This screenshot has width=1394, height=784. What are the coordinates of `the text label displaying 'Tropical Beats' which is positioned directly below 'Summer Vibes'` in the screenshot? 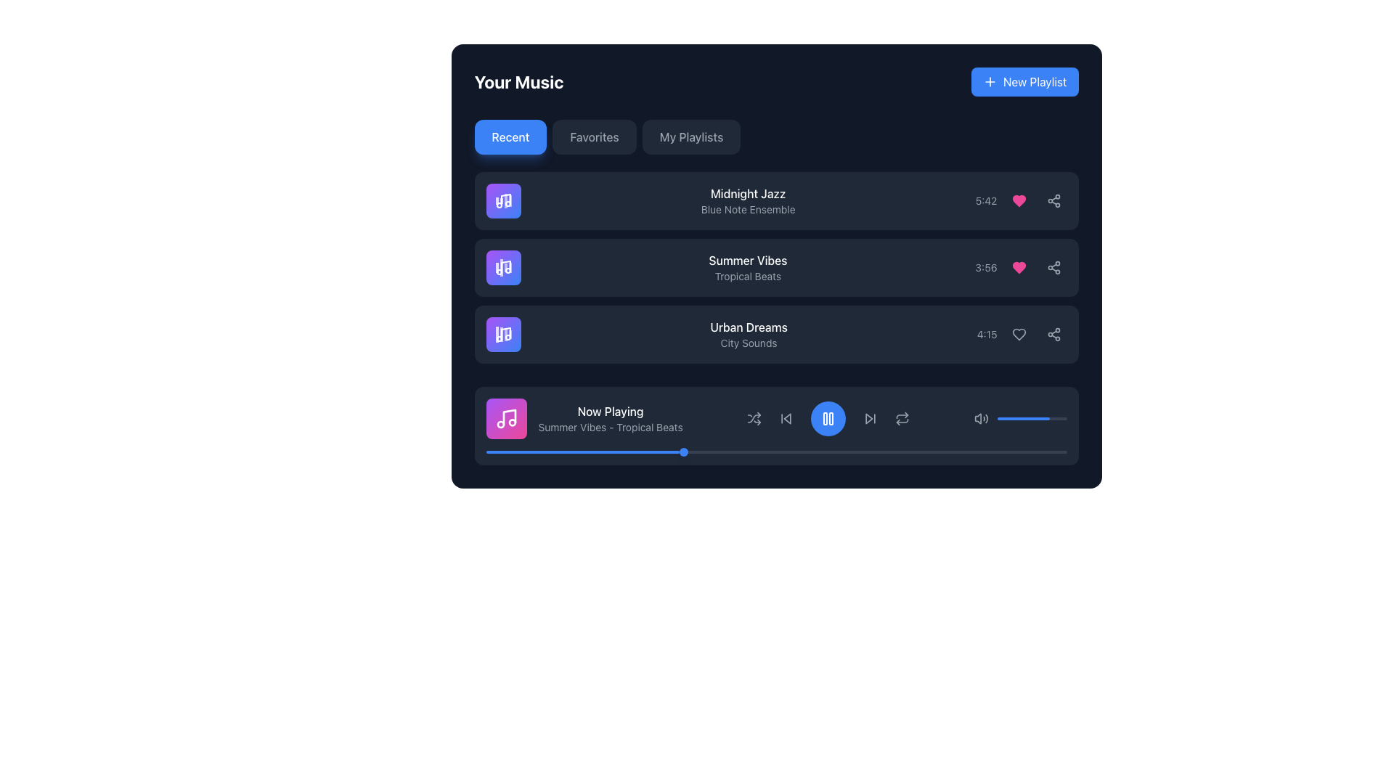 It's located at (748, 277).